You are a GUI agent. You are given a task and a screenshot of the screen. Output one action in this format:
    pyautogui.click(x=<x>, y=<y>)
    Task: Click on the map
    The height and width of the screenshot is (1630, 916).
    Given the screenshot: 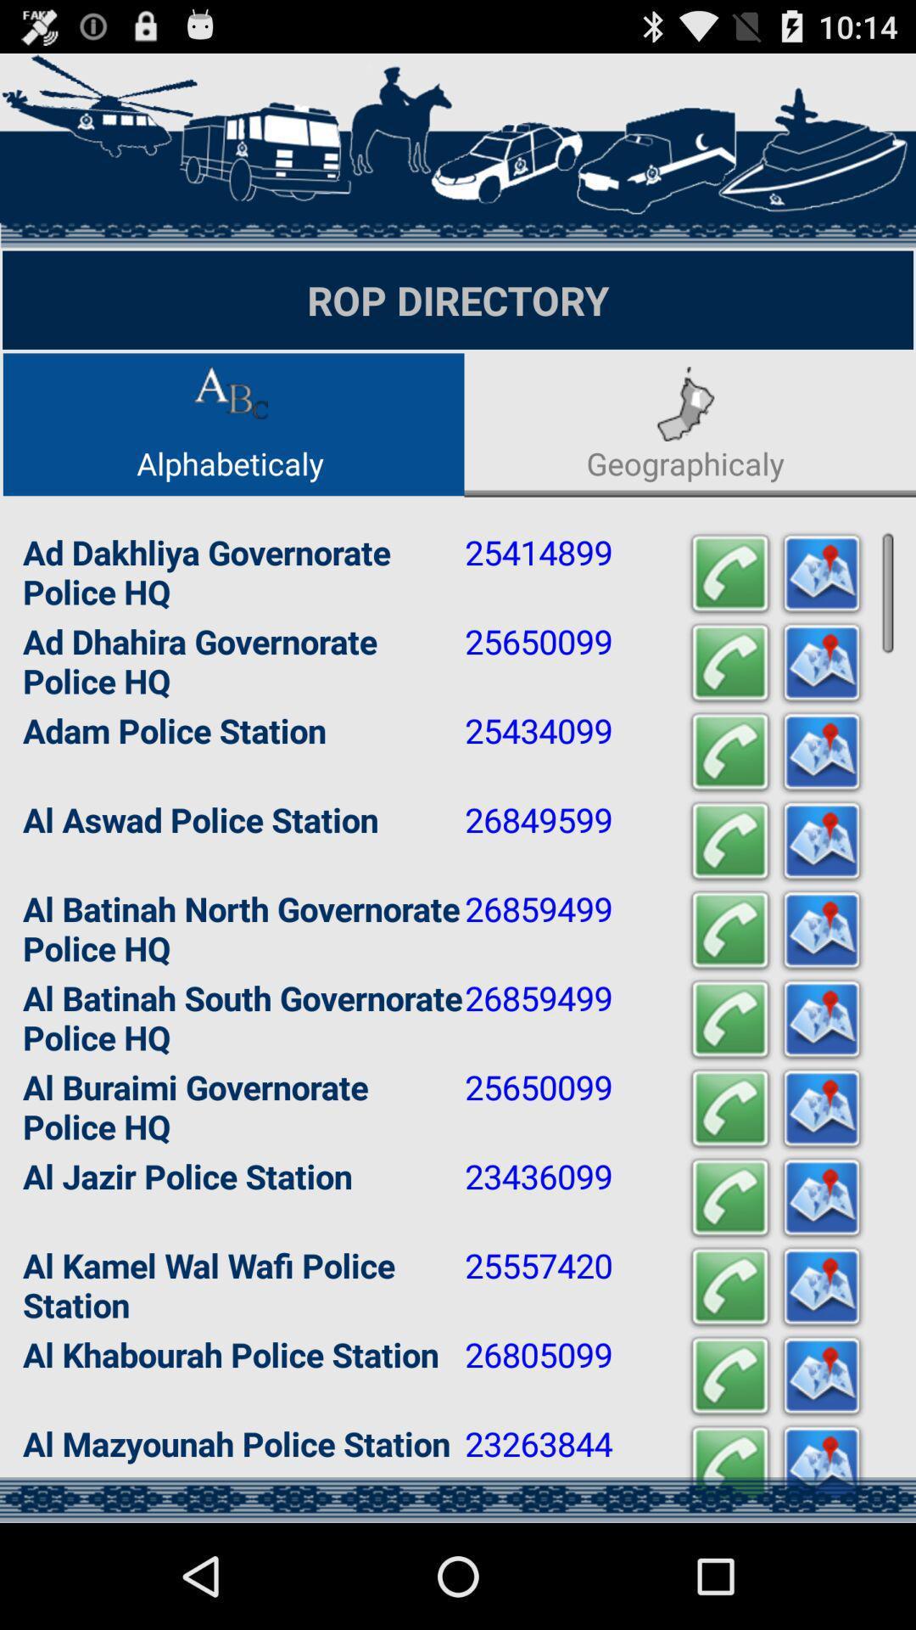 What is the action you would take?
    pyautogui.click(x=820, y=1376)
    